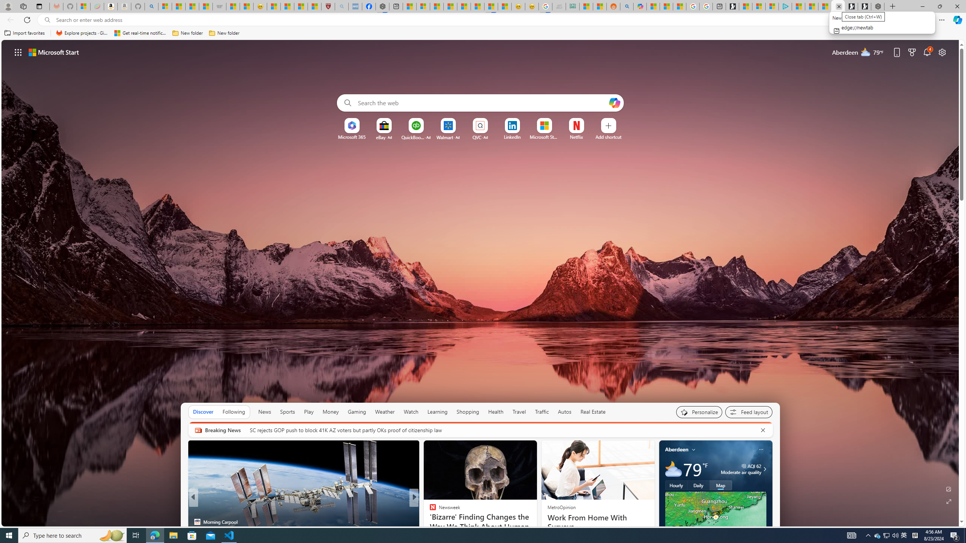 The height and width of the screenshot is (543, 966). What do you see at coordinates (698, 485) in the screenshot?
I see `'Daily'` at bounding box center [698, 485].